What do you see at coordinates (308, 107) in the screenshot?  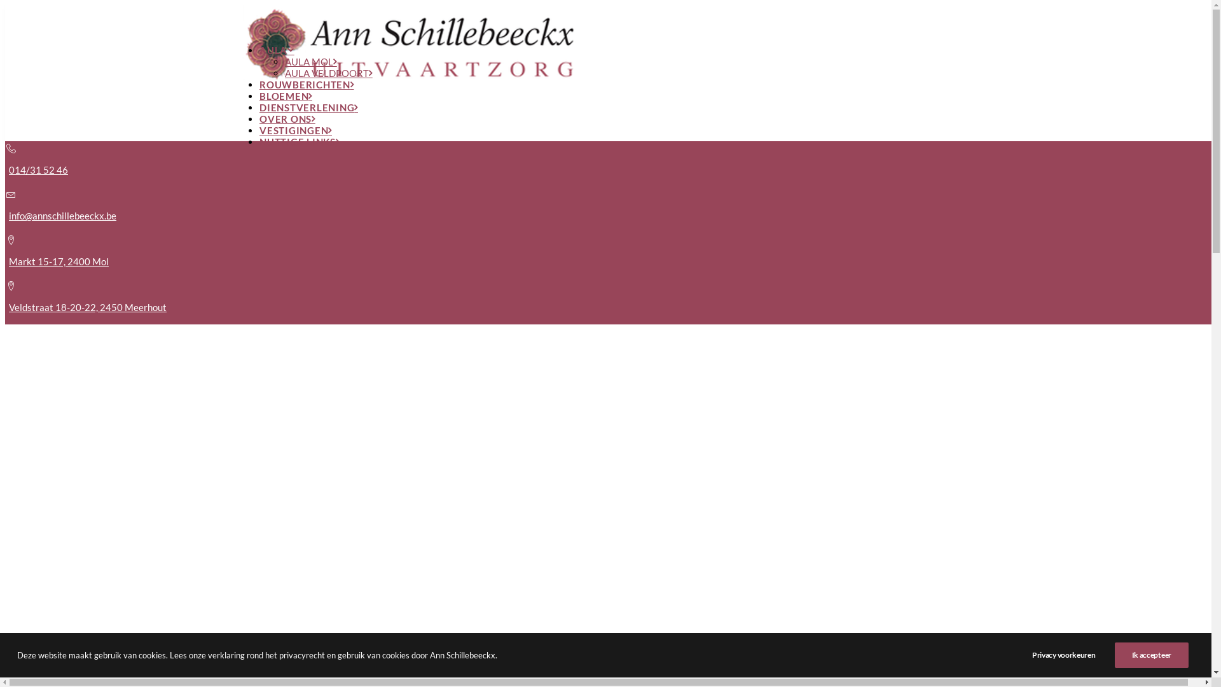 I see `'DIENSTVERLENING'` at bounding box center [308, 107].